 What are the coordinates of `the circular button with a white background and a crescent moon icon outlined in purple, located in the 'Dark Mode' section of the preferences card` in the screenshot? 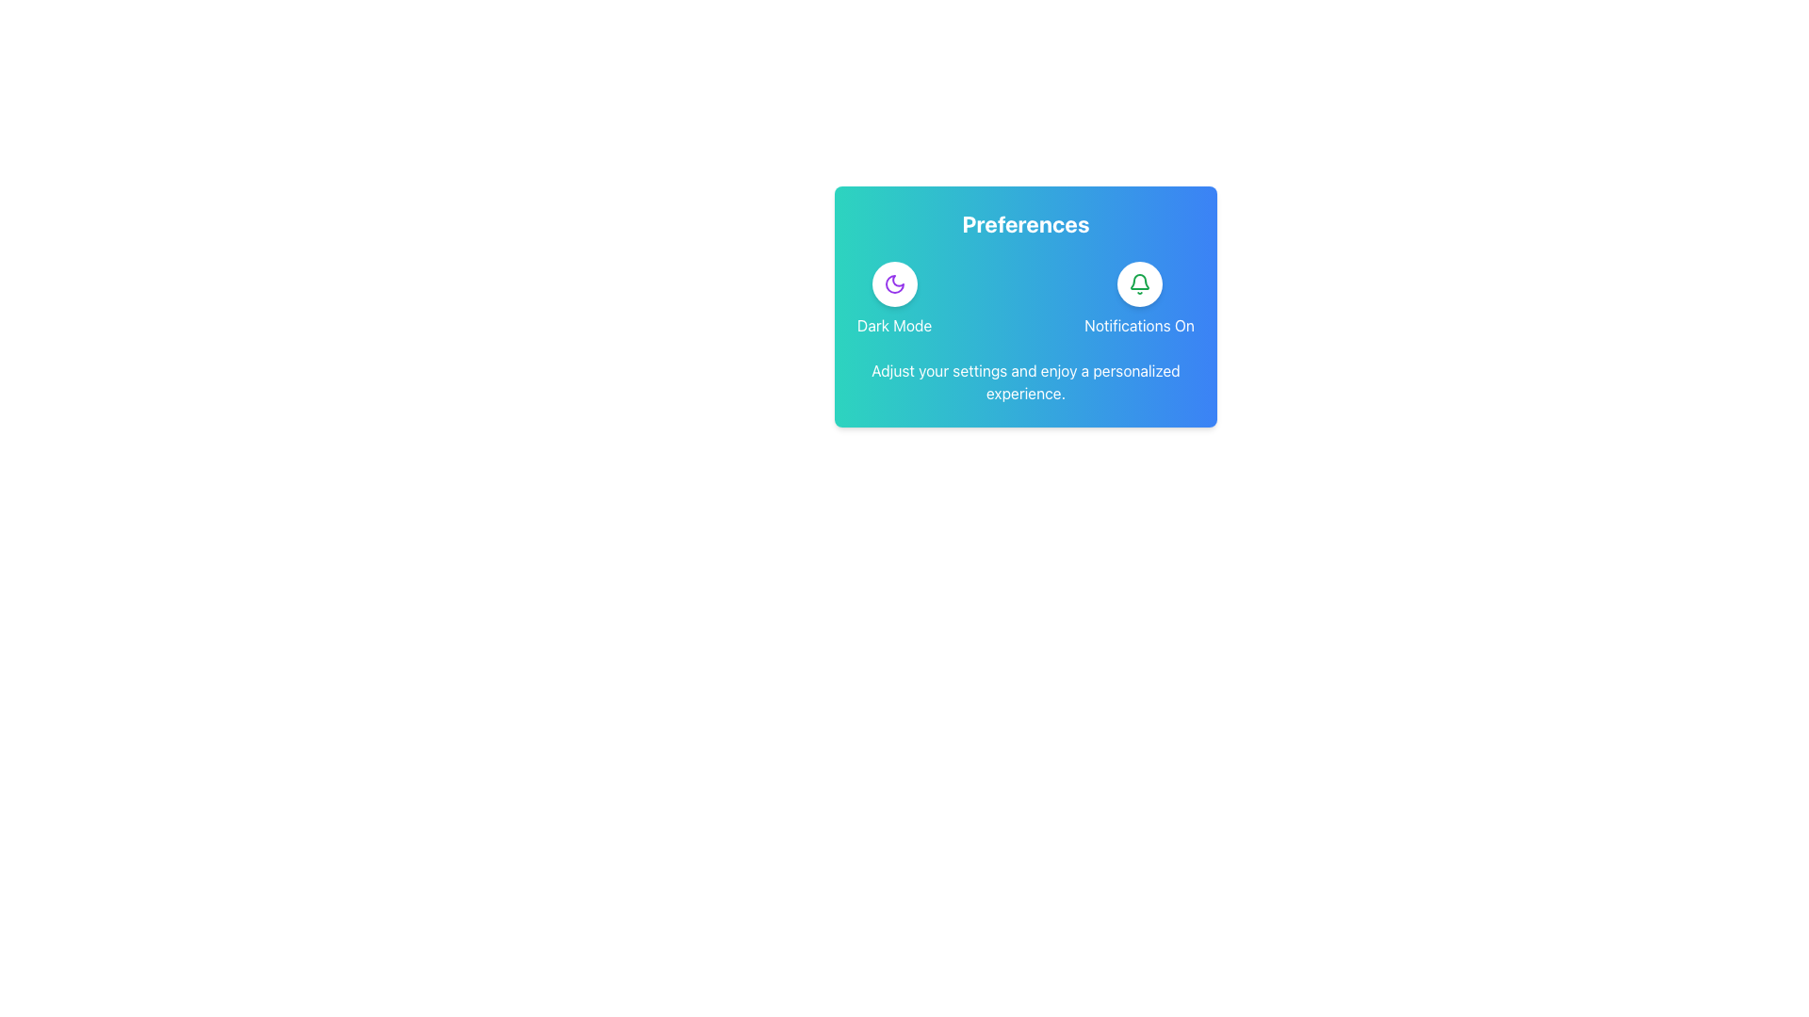 It's located at (893, 283).